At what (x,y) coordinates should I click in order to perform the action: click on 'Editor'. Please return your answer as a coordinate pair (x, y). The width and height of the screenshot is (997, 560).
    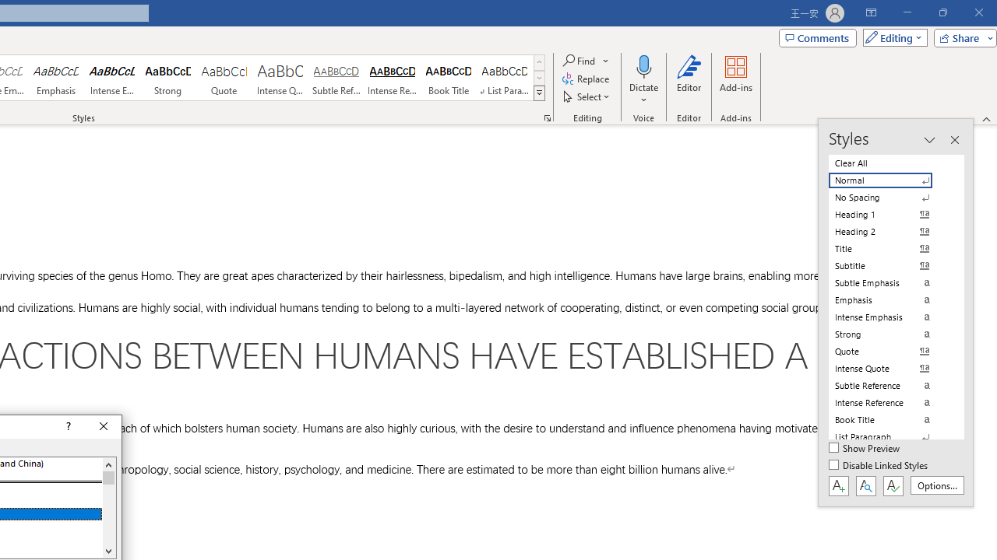
    Looking at the image, I should click on (689, 80).